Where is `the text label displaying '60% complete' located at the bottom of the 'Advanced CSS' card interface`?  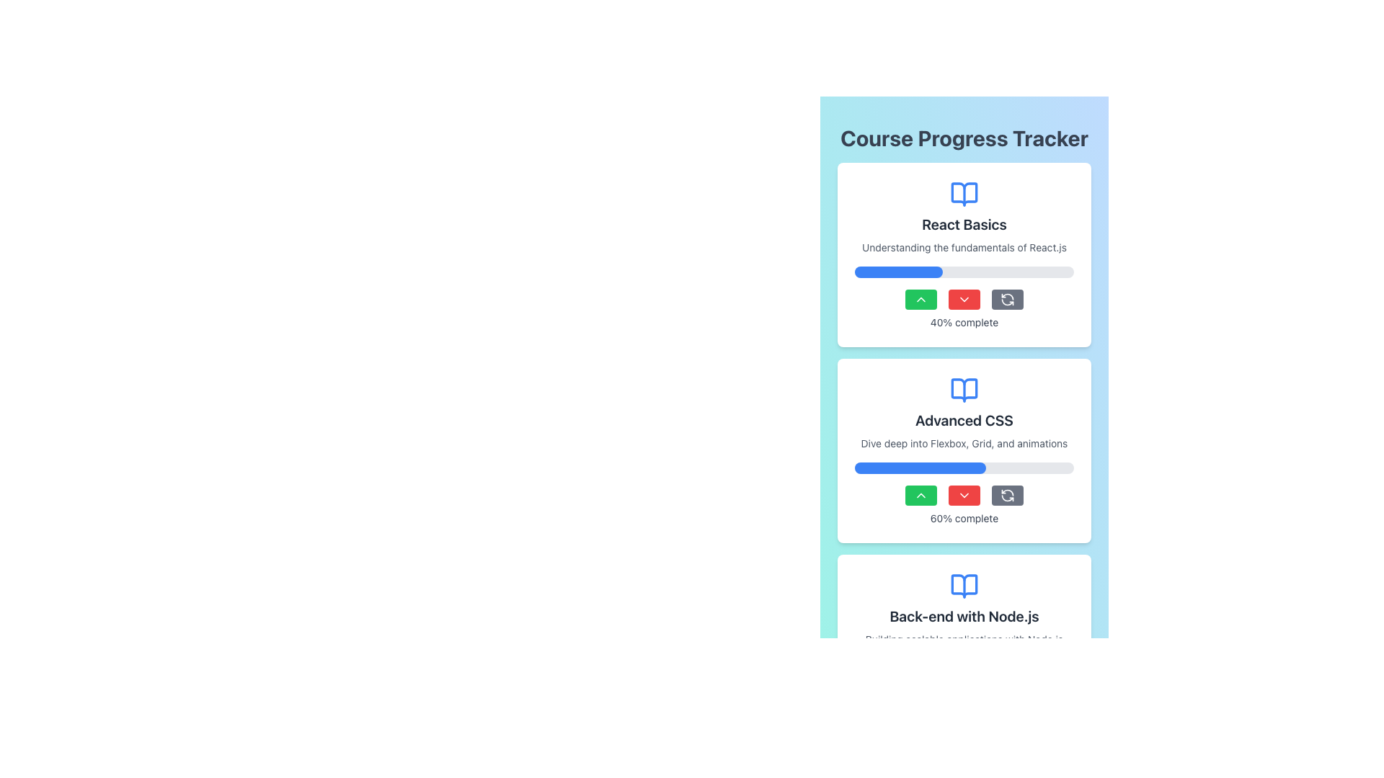
the text label displaying '60% complete' located at the bottom of the 'Advanced CSS' card interface is located at coordinates (964, 519).